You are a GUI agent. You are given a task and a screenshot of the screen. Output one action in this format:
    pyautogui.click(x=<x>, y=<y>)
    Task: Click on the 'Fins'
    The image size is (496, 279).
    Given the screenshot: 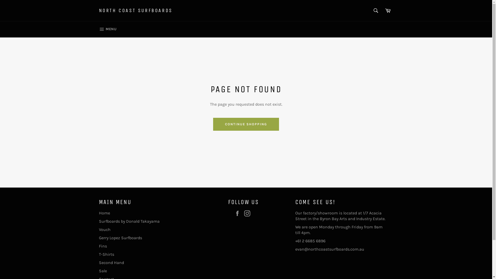 What is the action you would take?
    pyautogui.click(x=103, y=246)
    